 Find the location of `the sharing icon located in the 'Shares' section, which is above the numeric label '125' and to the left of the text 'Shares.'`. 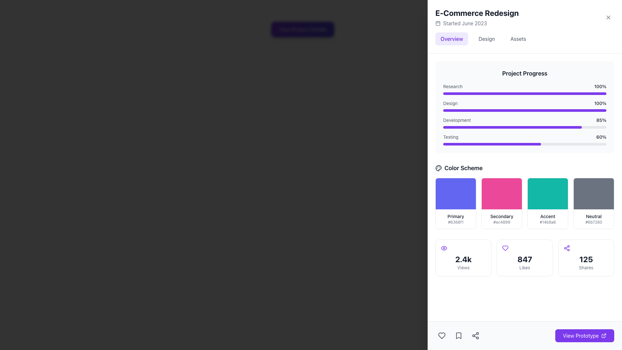

the sharing icon located in the 'Shares' section, which is above the numeric label '125' and to the left of the text 'Shares.' is located at coordinates (566, 248).